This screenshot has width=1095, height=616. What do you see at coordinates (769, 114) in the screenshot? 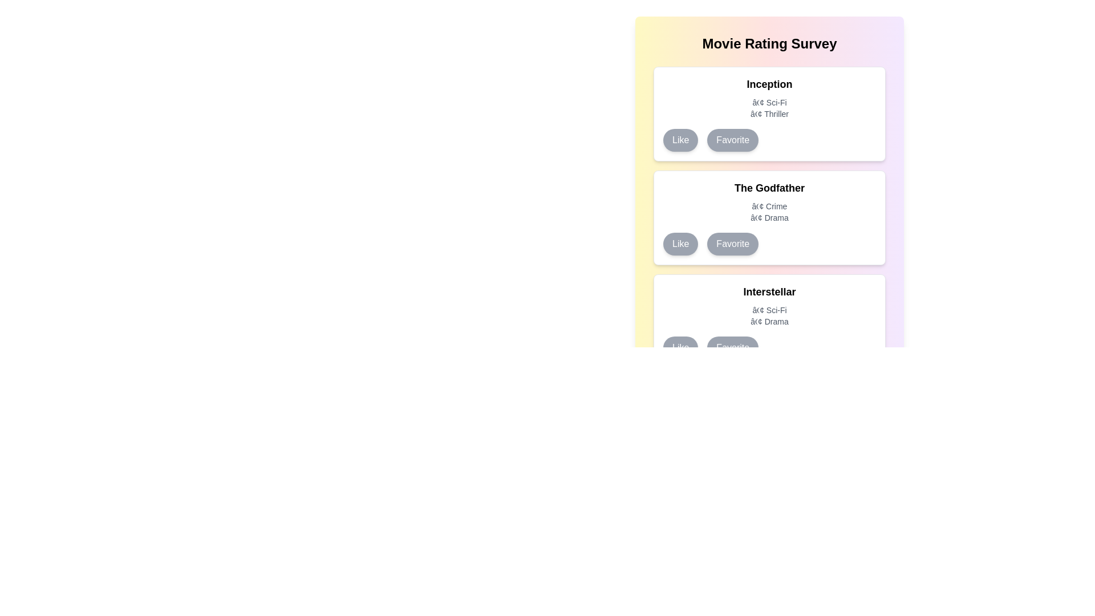
I see `the text label displaying the genre '• Thriller', which is positioned below '• Sci-Fi' in the movie card for 'Inception'` at bounding box center [769, 114].